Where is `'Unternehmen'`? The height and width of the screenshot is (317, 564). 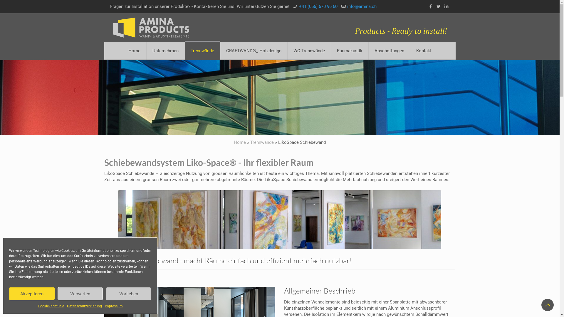 'Unternehmen' is located at coordinates (165, 50).